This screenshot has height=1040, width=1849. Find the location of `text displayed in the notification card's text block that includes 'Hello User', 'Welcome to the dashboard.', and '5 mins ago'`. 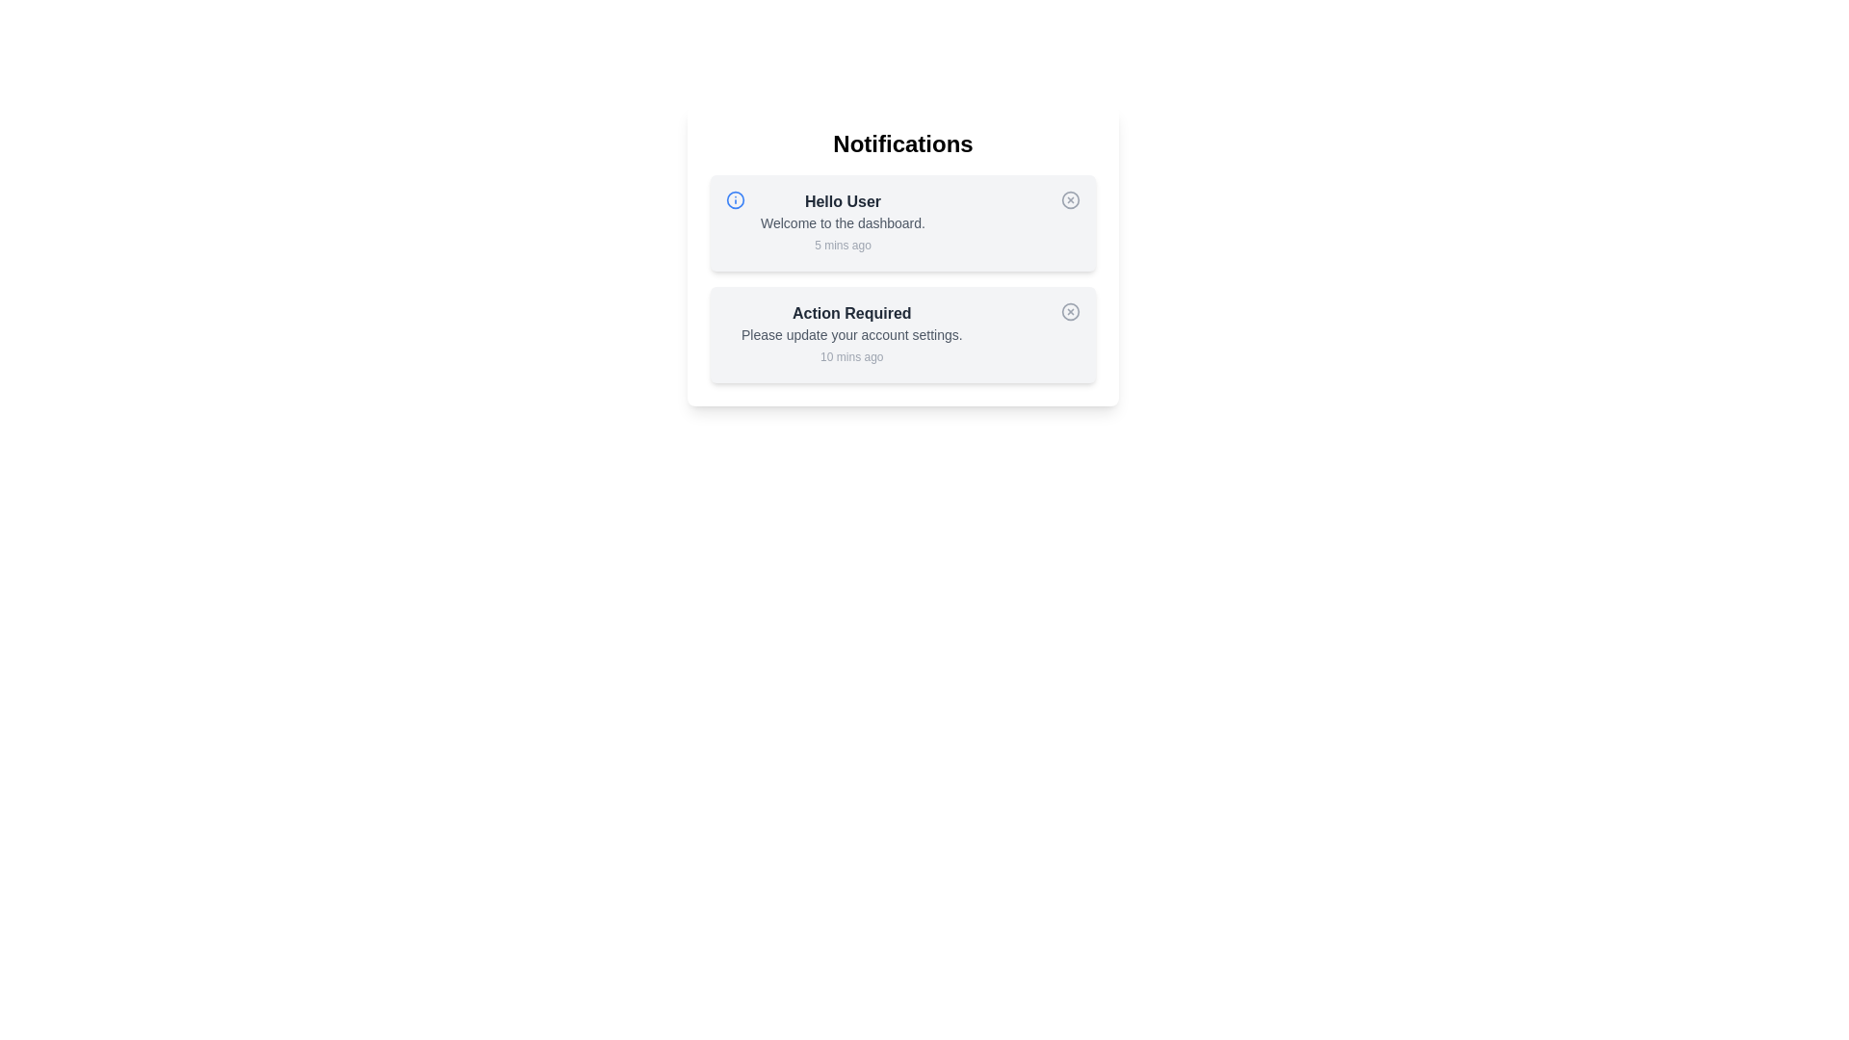

text displayed in the notification card's text block that includes 'Hello User', 'Welcome to the dashboard.', and '5 mins ago' is located at coordinates (843, 221).